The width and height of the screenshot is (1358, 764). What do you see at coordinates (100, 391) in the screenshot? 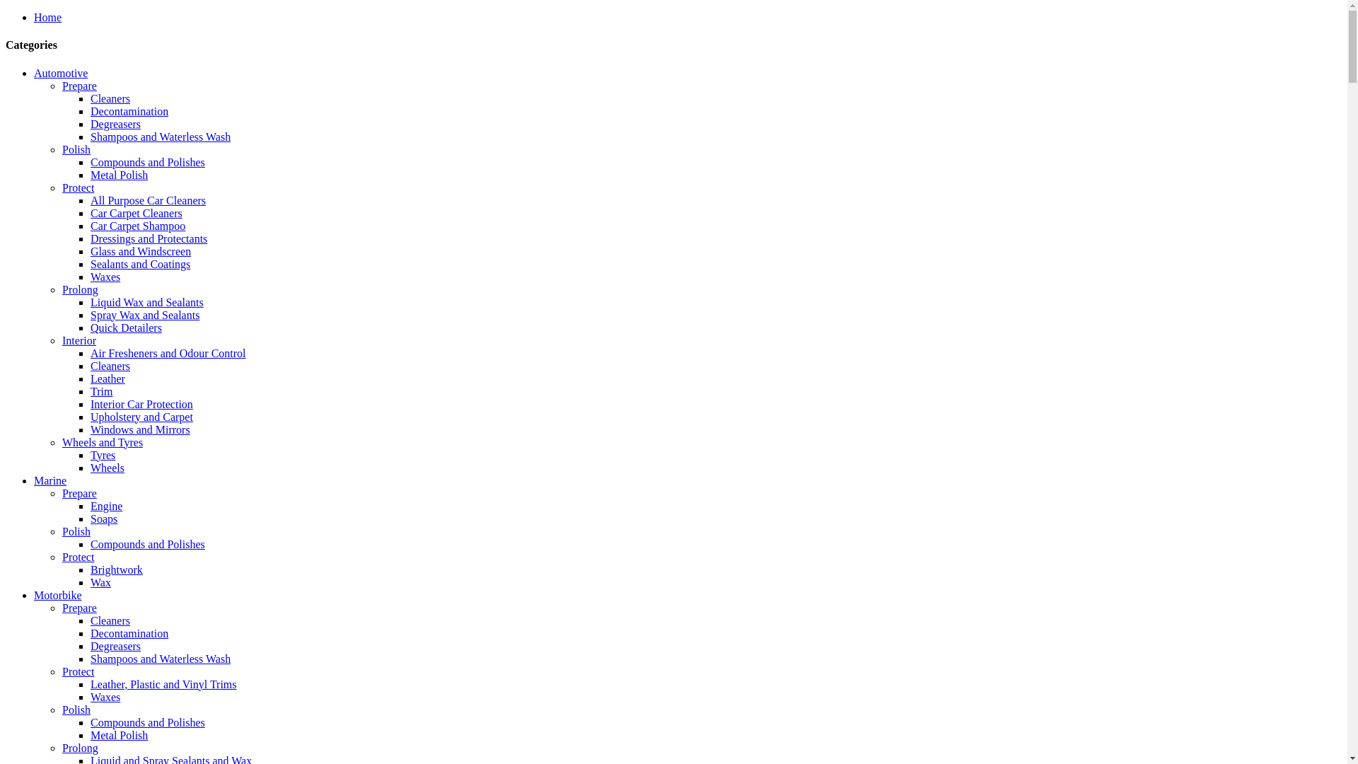
I see `'Trim'` at bounding box center [100, 391].